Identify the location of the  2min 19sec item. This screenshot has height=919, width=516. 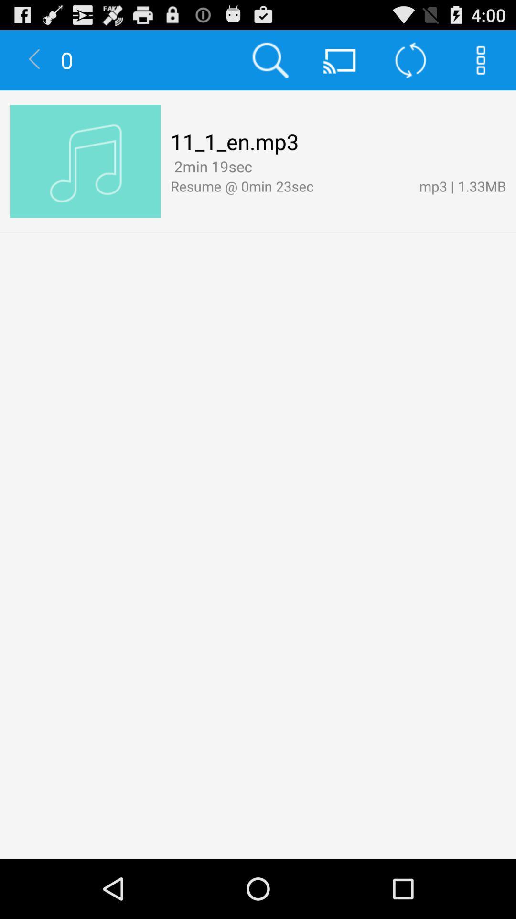
(211, 166).